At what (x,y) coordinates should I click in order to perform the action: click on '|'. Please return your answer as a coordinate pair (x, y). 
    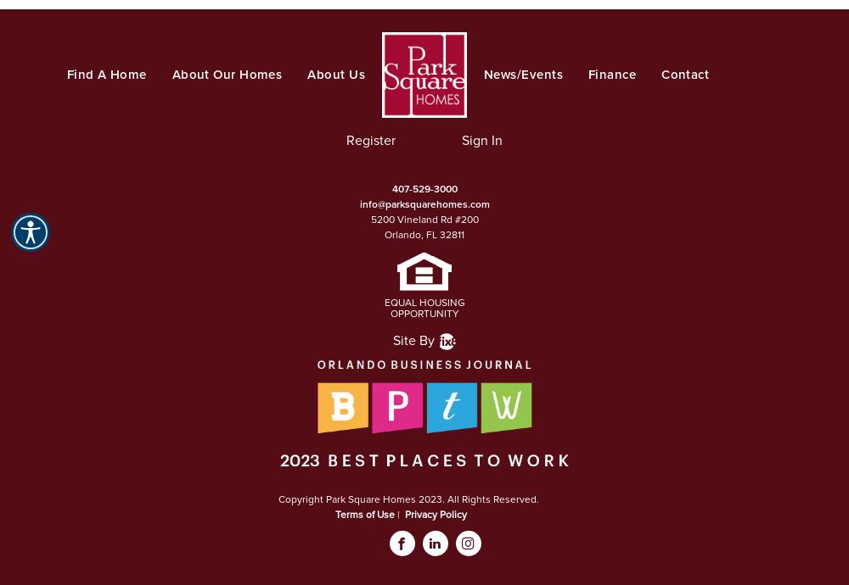
    Looking at the image, I should click on (399, 513).